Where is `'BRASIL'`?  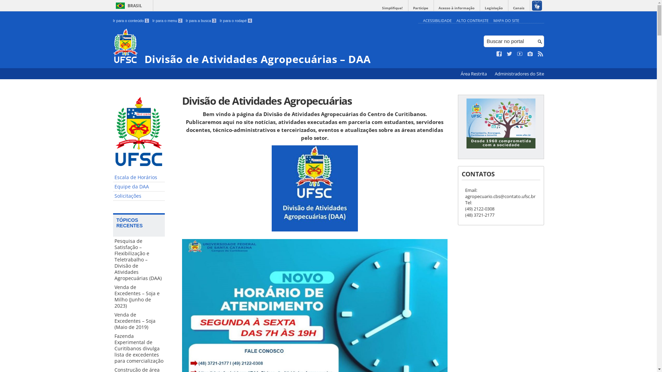 'BRASIL' is located at coordinates (128, 6).